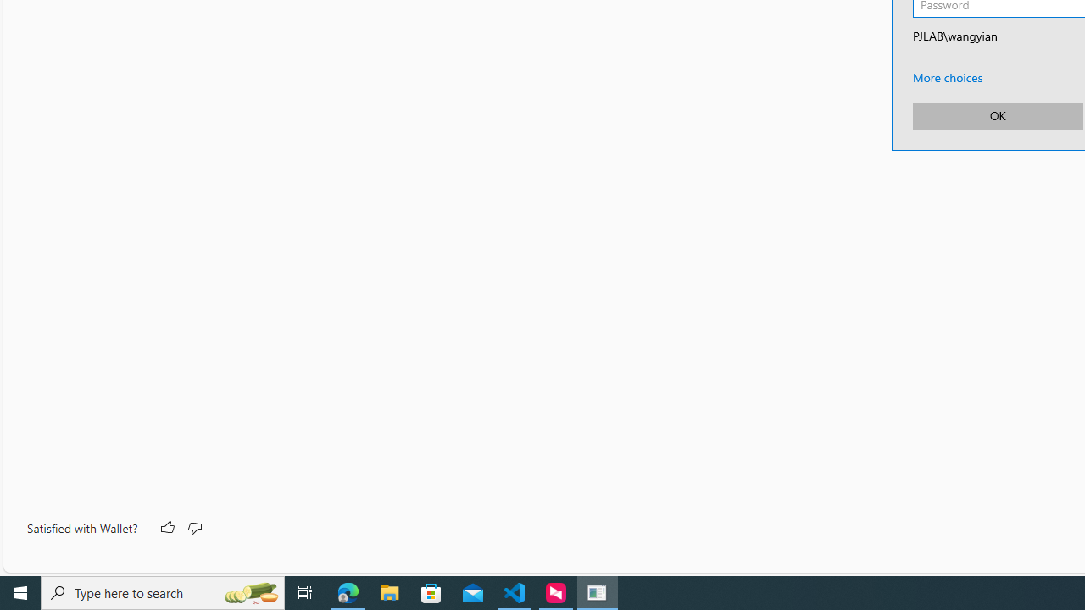 Image resolution: width=1085 pixels, height=610 pixels. I want to click on 'File Explorer', so click(389, 591).